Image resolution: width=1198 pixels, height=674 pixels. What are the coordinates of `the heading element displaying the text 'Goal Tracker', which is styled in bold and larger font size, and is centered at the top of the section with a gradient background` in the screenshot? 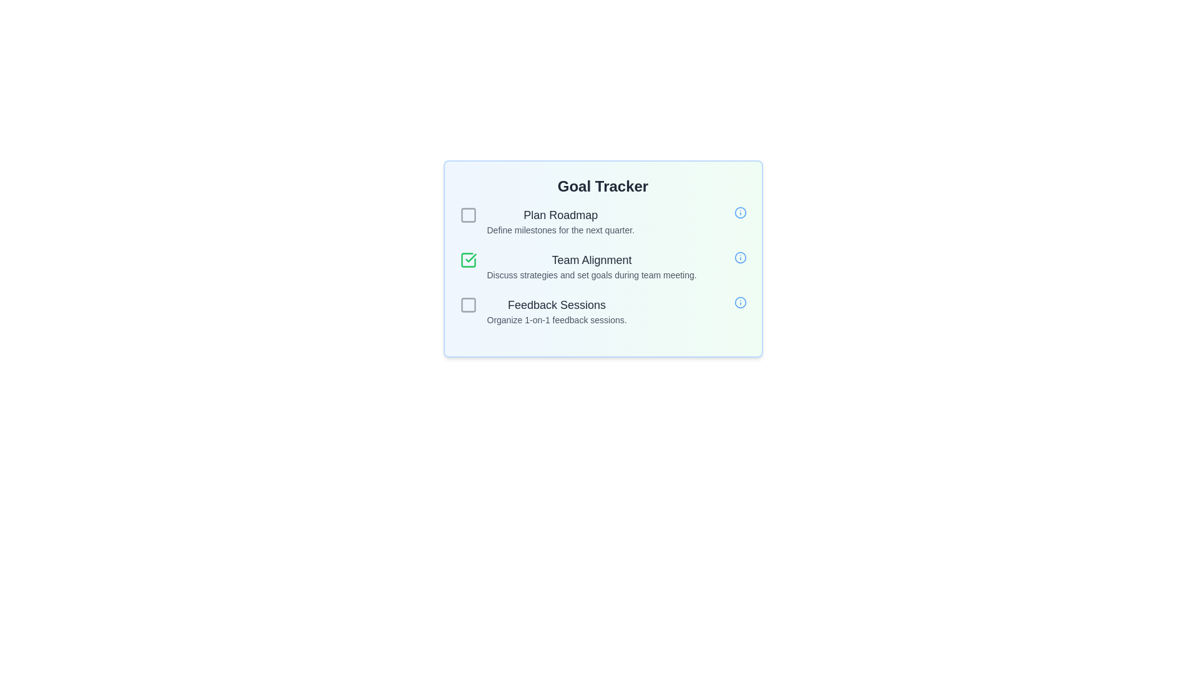 It's located at (603, 187).